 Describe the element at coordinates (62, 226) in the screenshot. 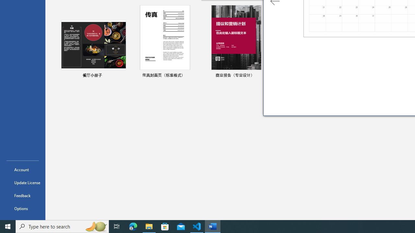

I see `'Type here to search'` at that location.